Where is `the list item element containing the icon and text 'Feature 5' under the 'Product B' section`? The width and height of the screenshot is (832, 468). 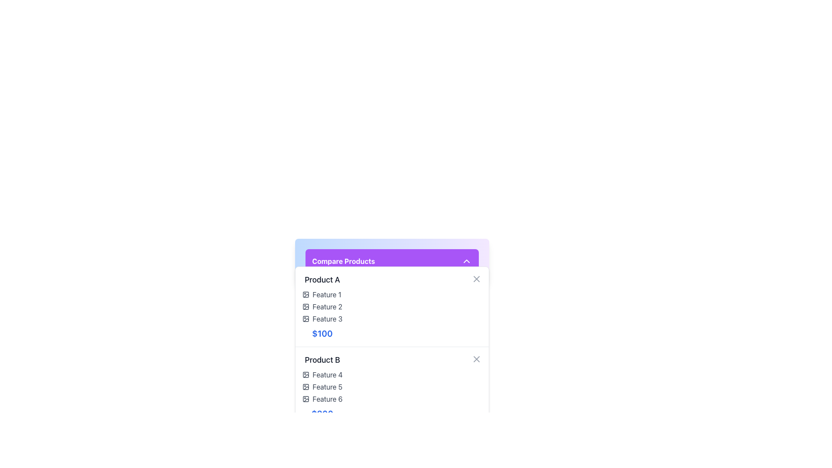
the list item element containing the icon and text 'Feature 5' under the 'Product B' section is located at coordinates (322, 387).